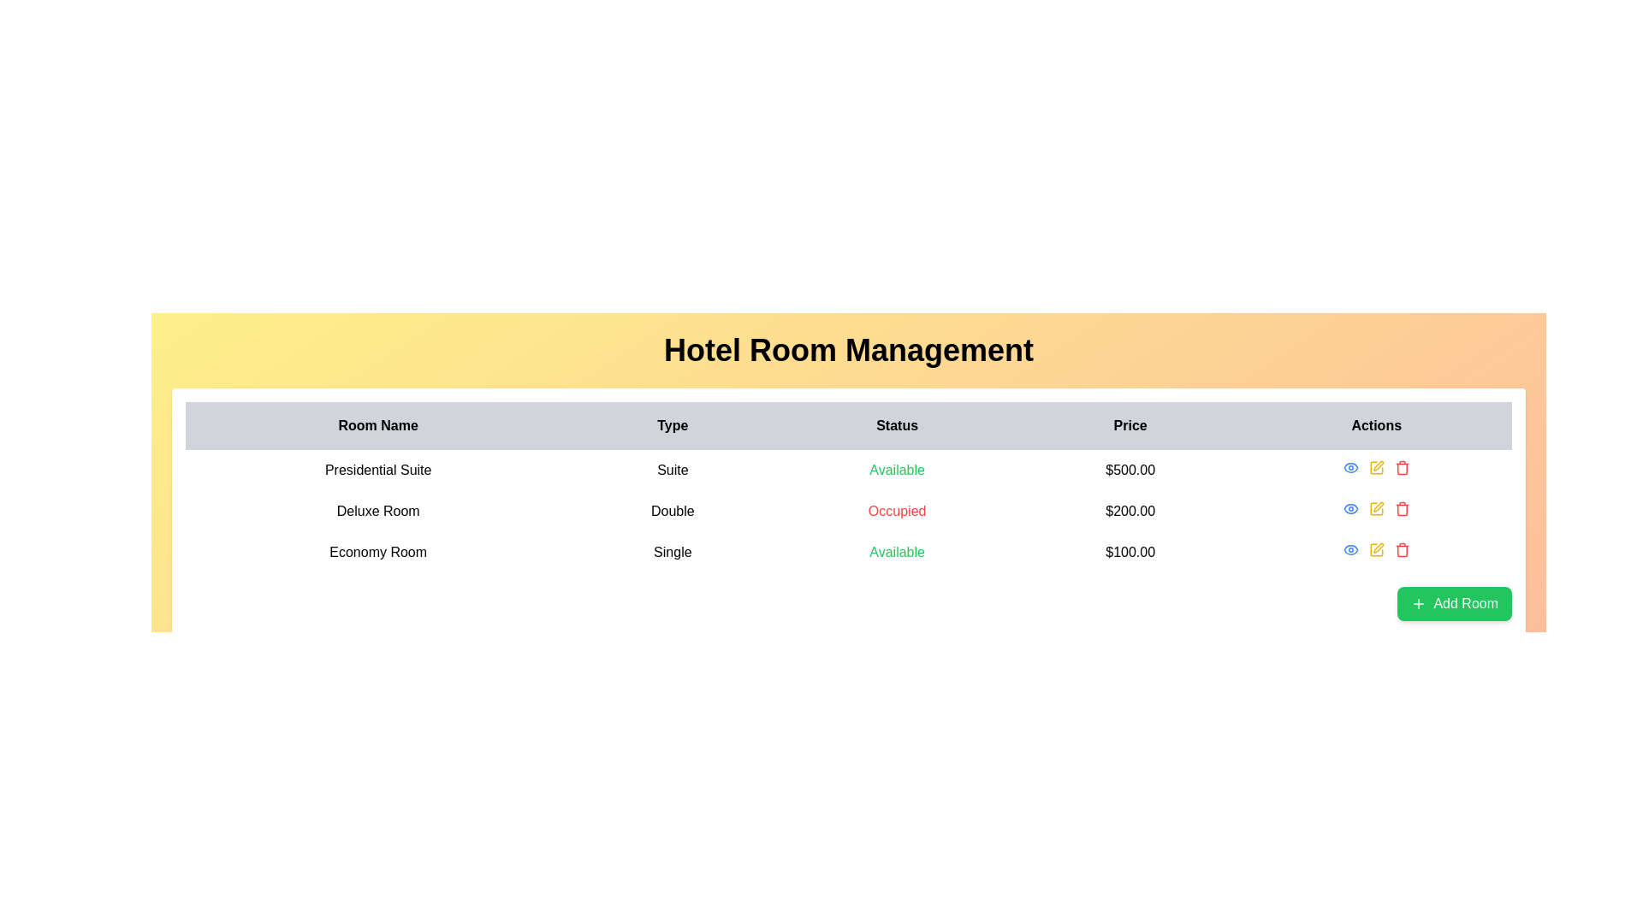  What do you see at coordinates (896, 510) in the screenshot?
I see `the 'Occupied' text label in bold red font, indicating the status of the 'Deluxe Room' within the 'Status' column` at bounding box center [896, 510].